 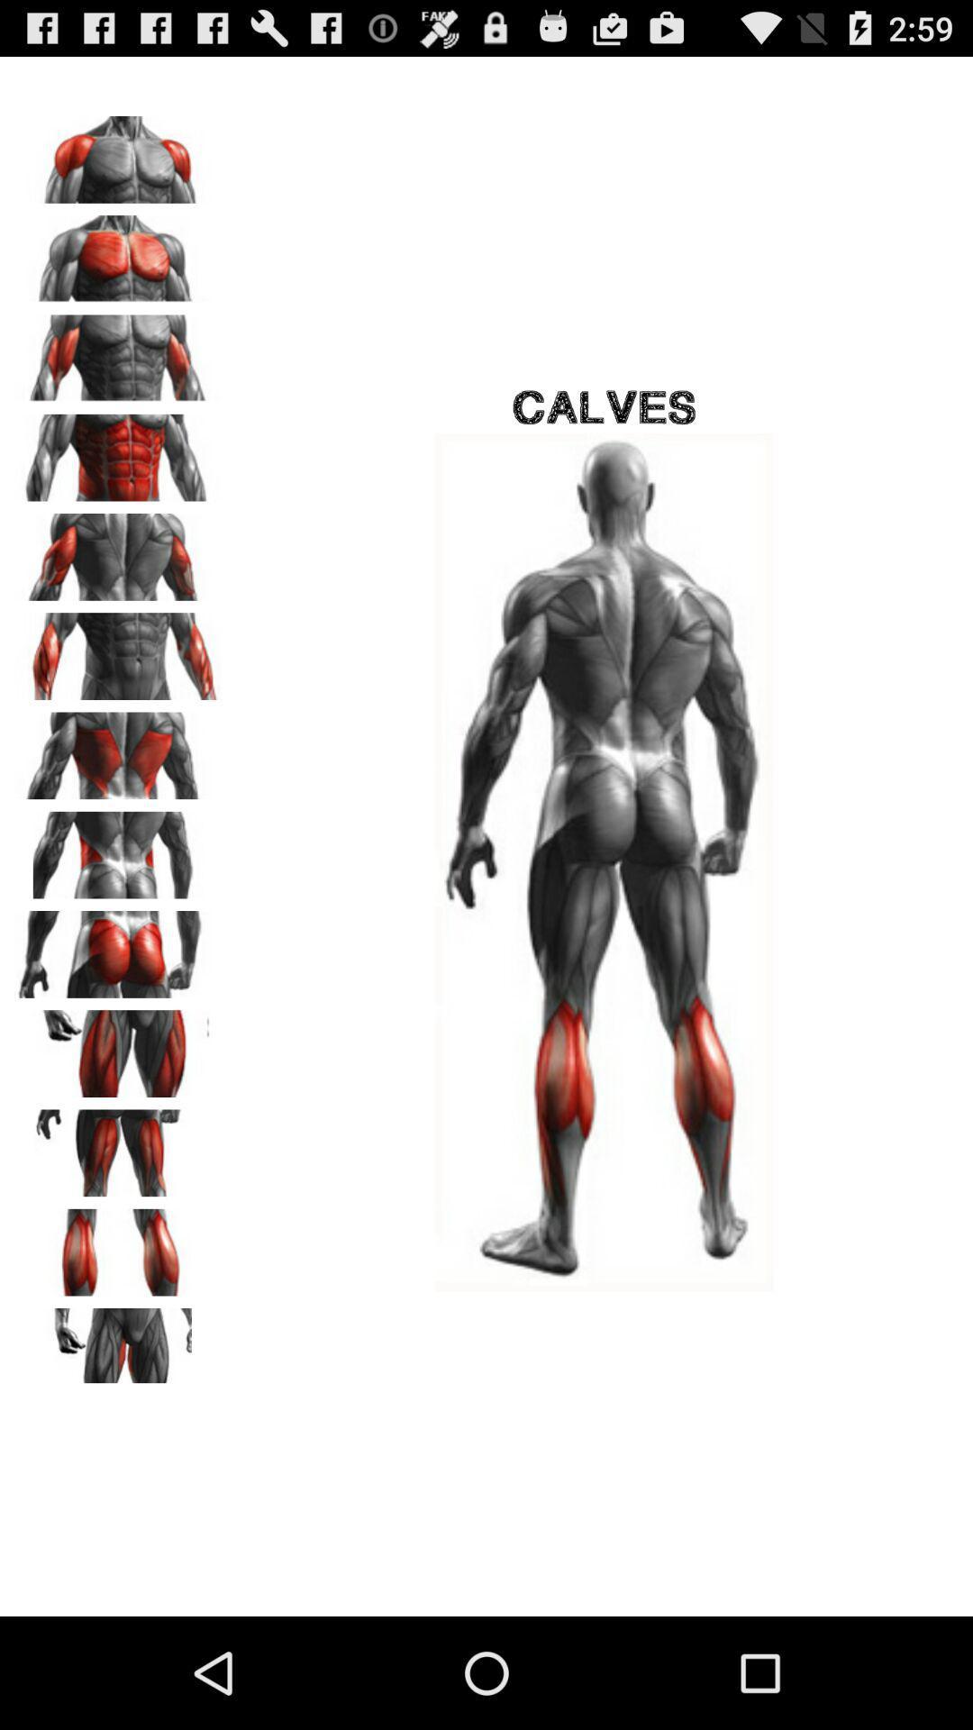 What do you see at coordinates (118, 1146) in the screenshot?
I see `hamstring muscles in back of the leg` at bounding box center [118, 1146].